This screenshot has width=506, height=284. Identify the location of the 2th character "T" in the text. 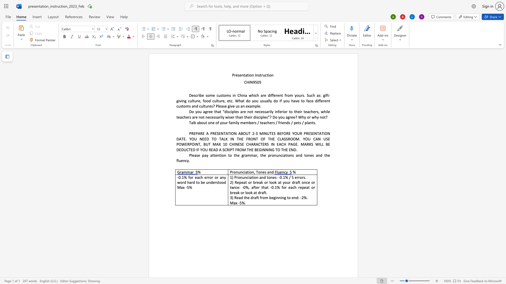
(229, 133).